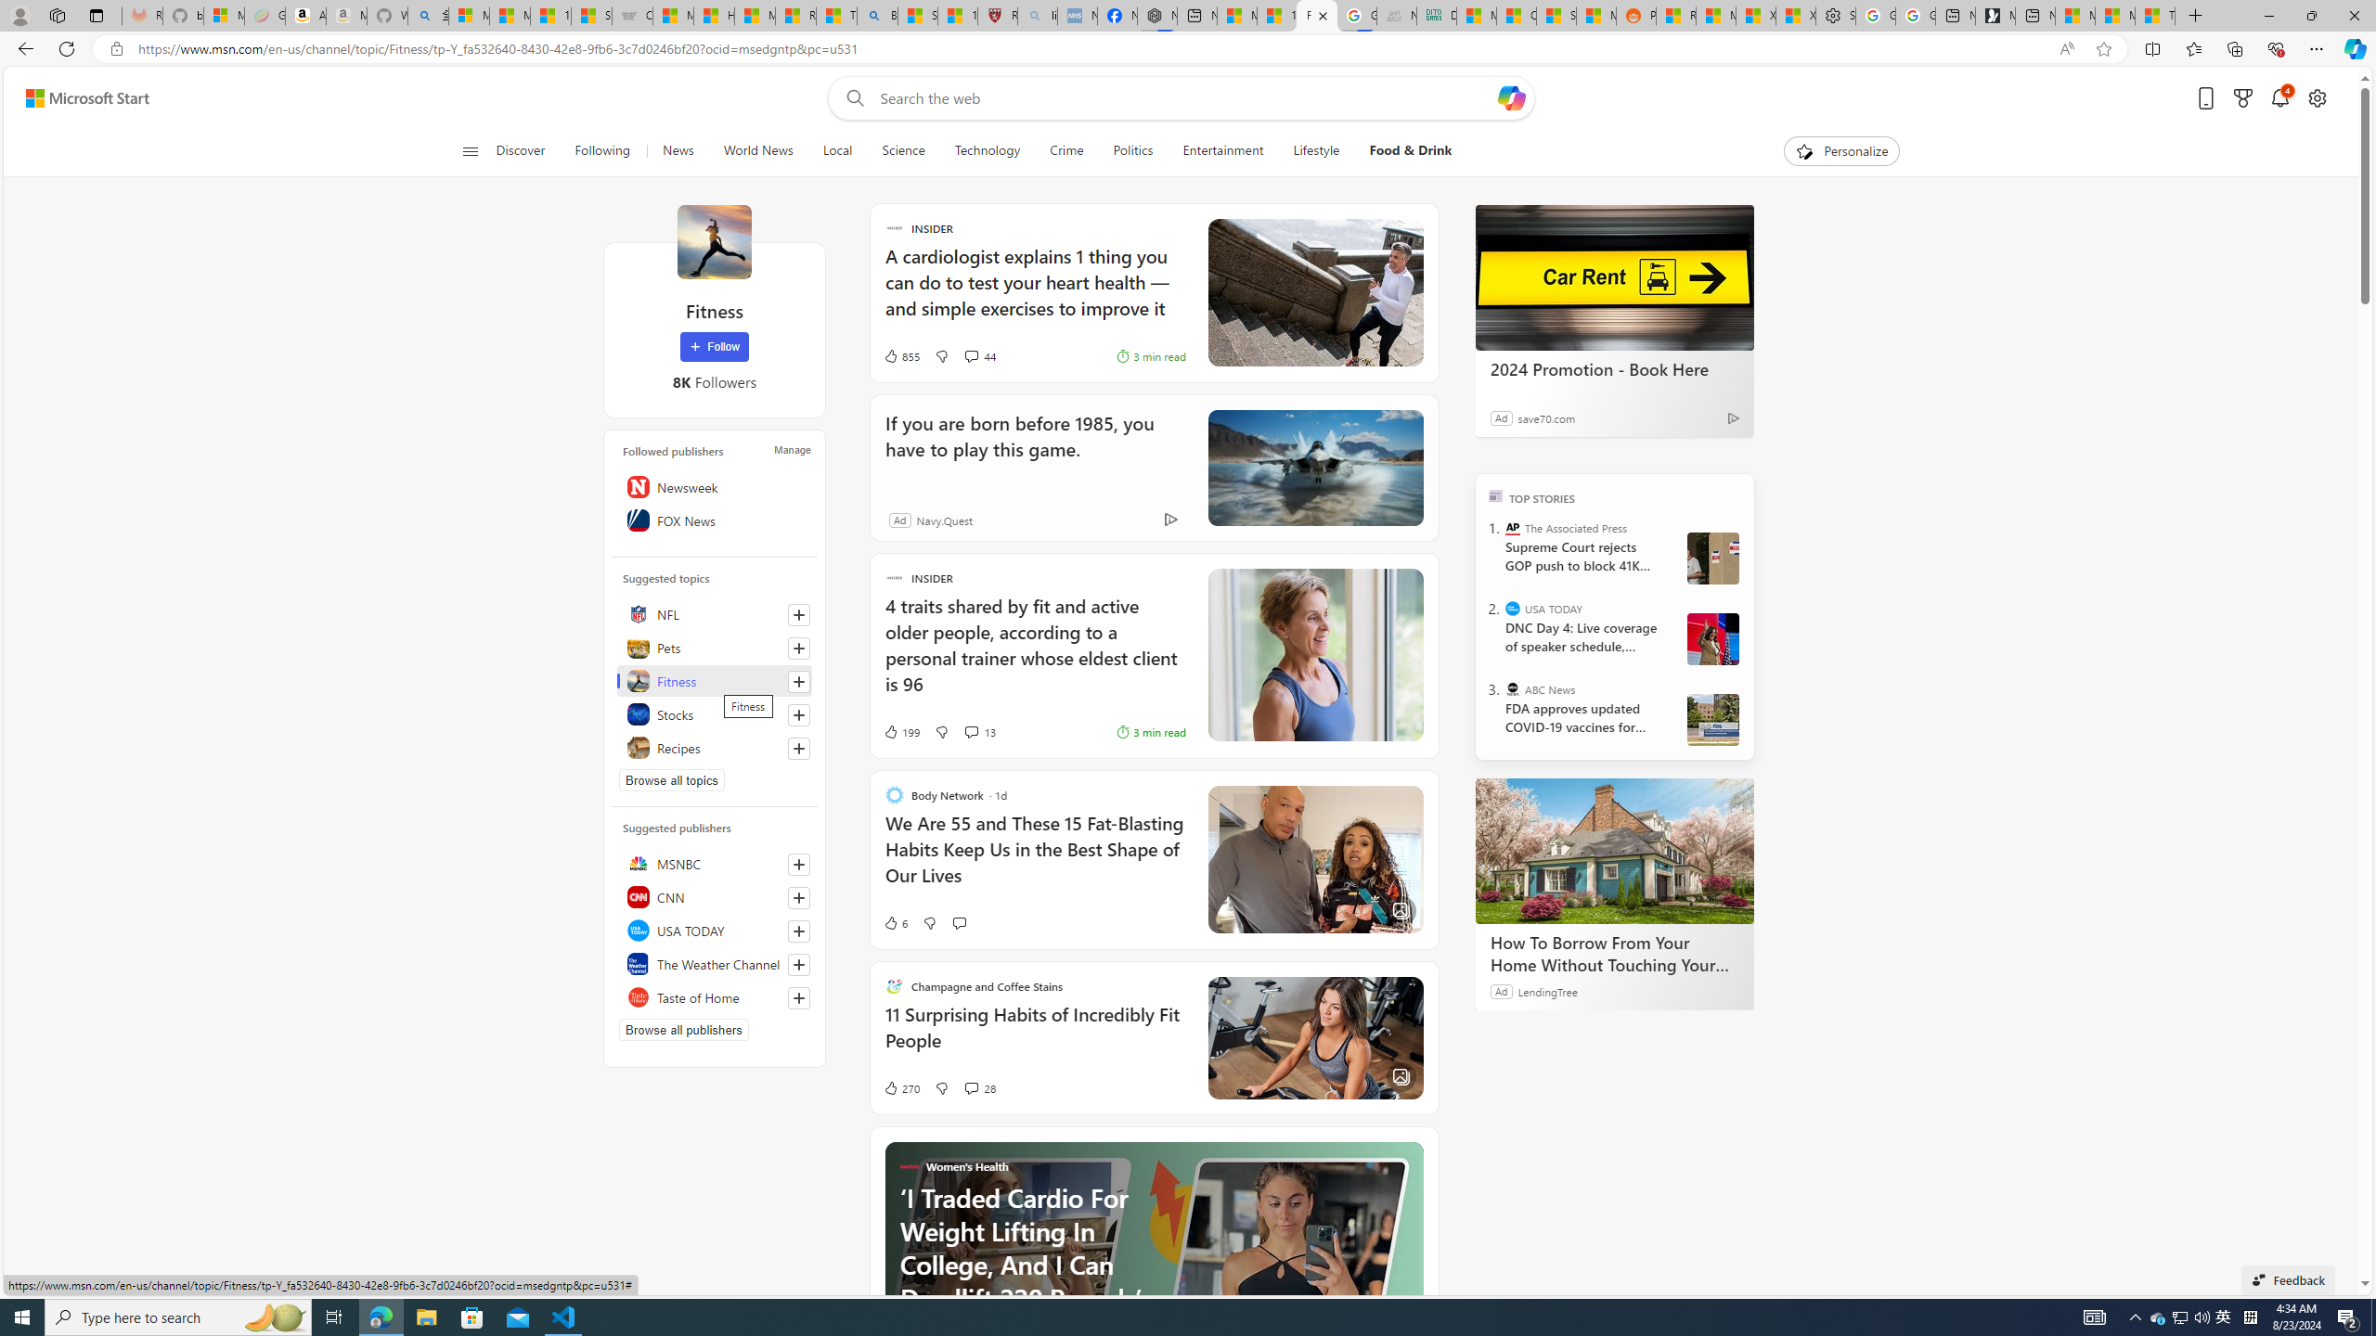  I want to click on 'Science - MSN', so click(917, 15).